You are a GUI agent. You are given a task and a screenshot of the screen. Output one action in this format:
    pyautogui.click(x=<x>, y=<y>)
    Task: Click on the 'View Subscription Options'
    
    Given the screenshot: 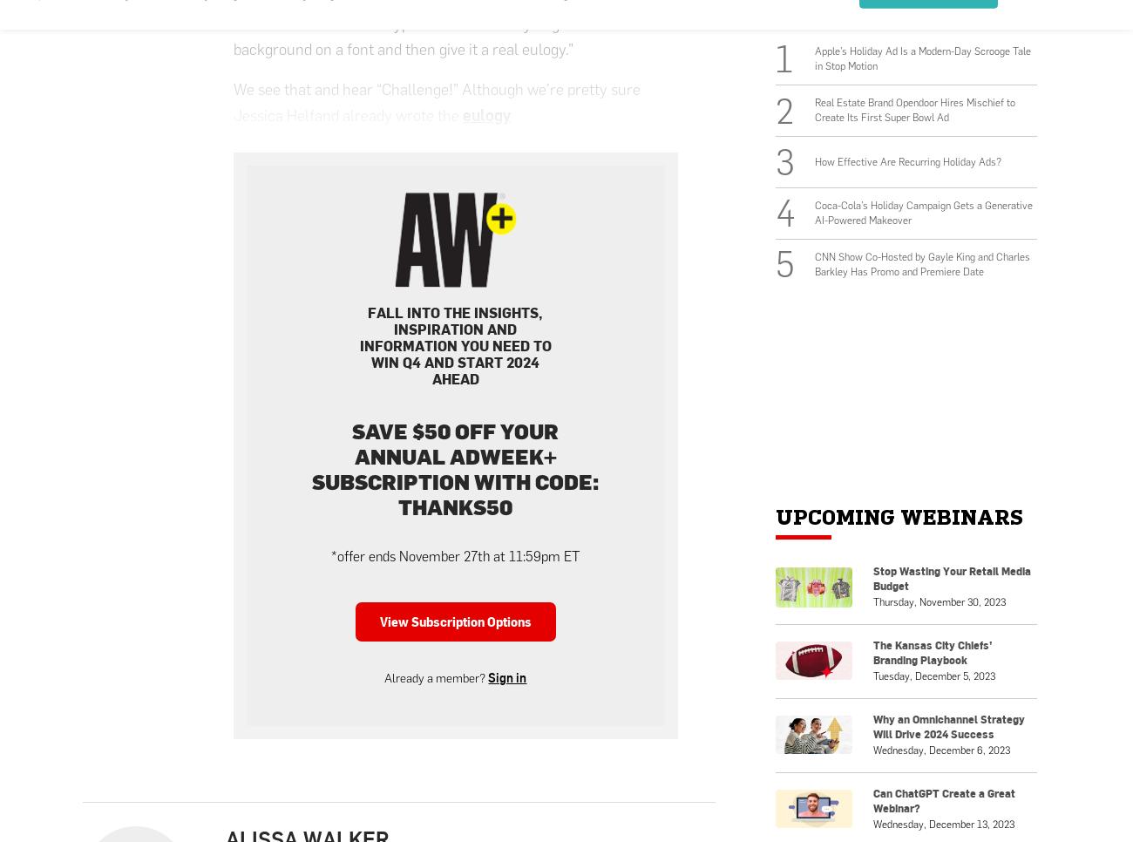 What is the action you would take?
    pyautogui.click(x=454, y=621)
    